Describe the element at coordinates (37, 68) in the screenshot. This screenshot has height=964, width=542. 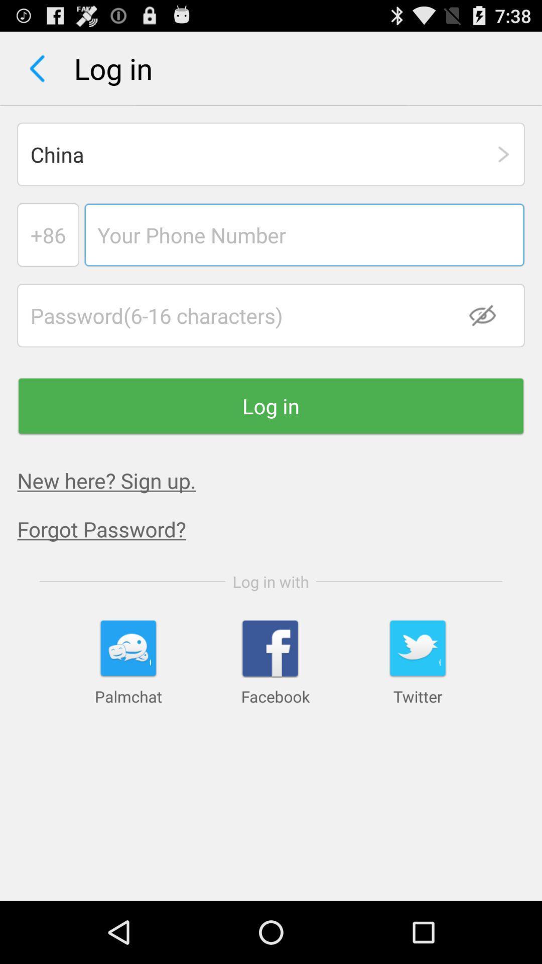
I see `return to previous page` at that location.